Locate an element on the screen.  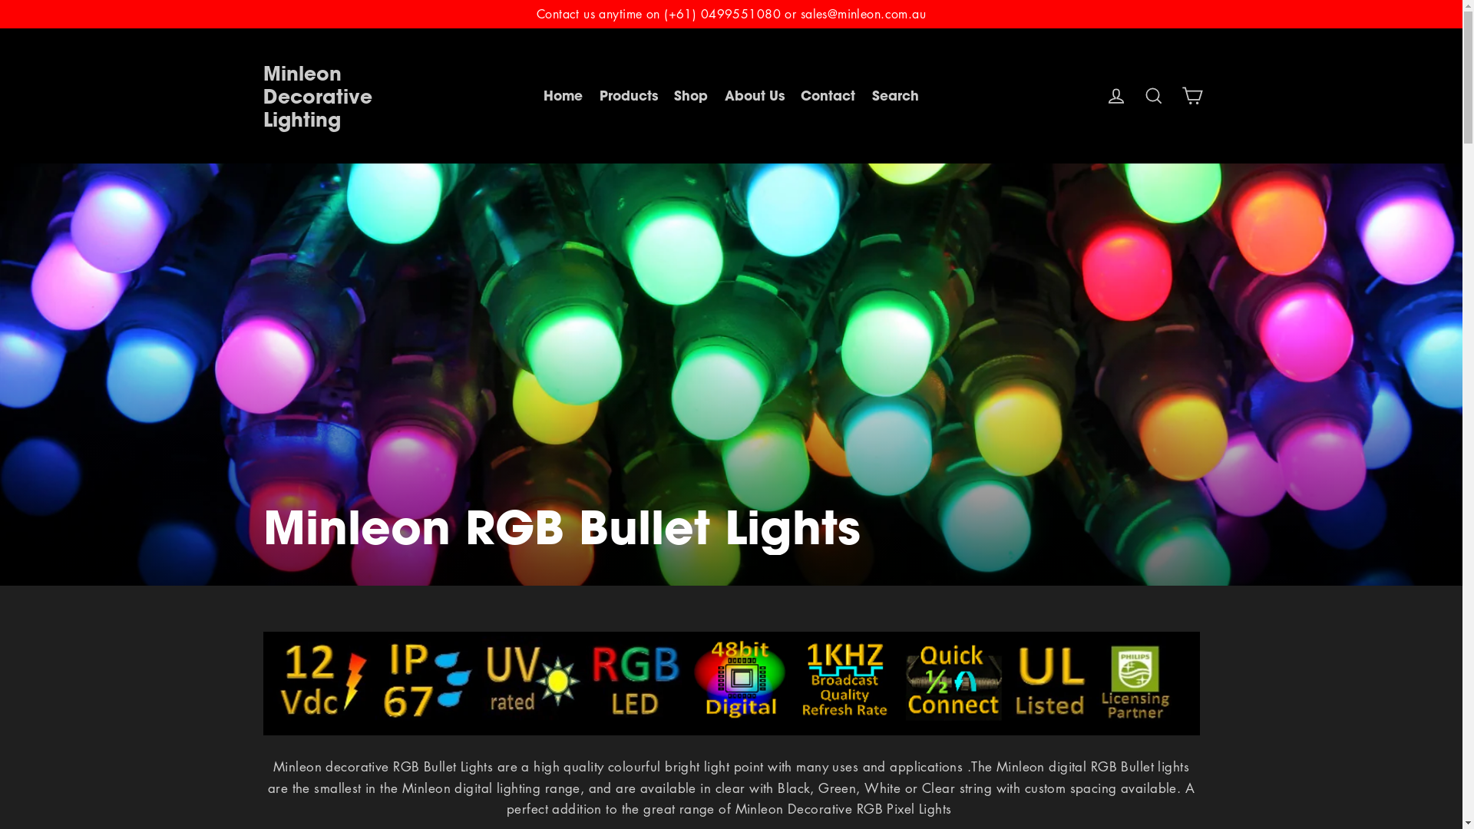
'Contact' is located at coordinates (795, 95).